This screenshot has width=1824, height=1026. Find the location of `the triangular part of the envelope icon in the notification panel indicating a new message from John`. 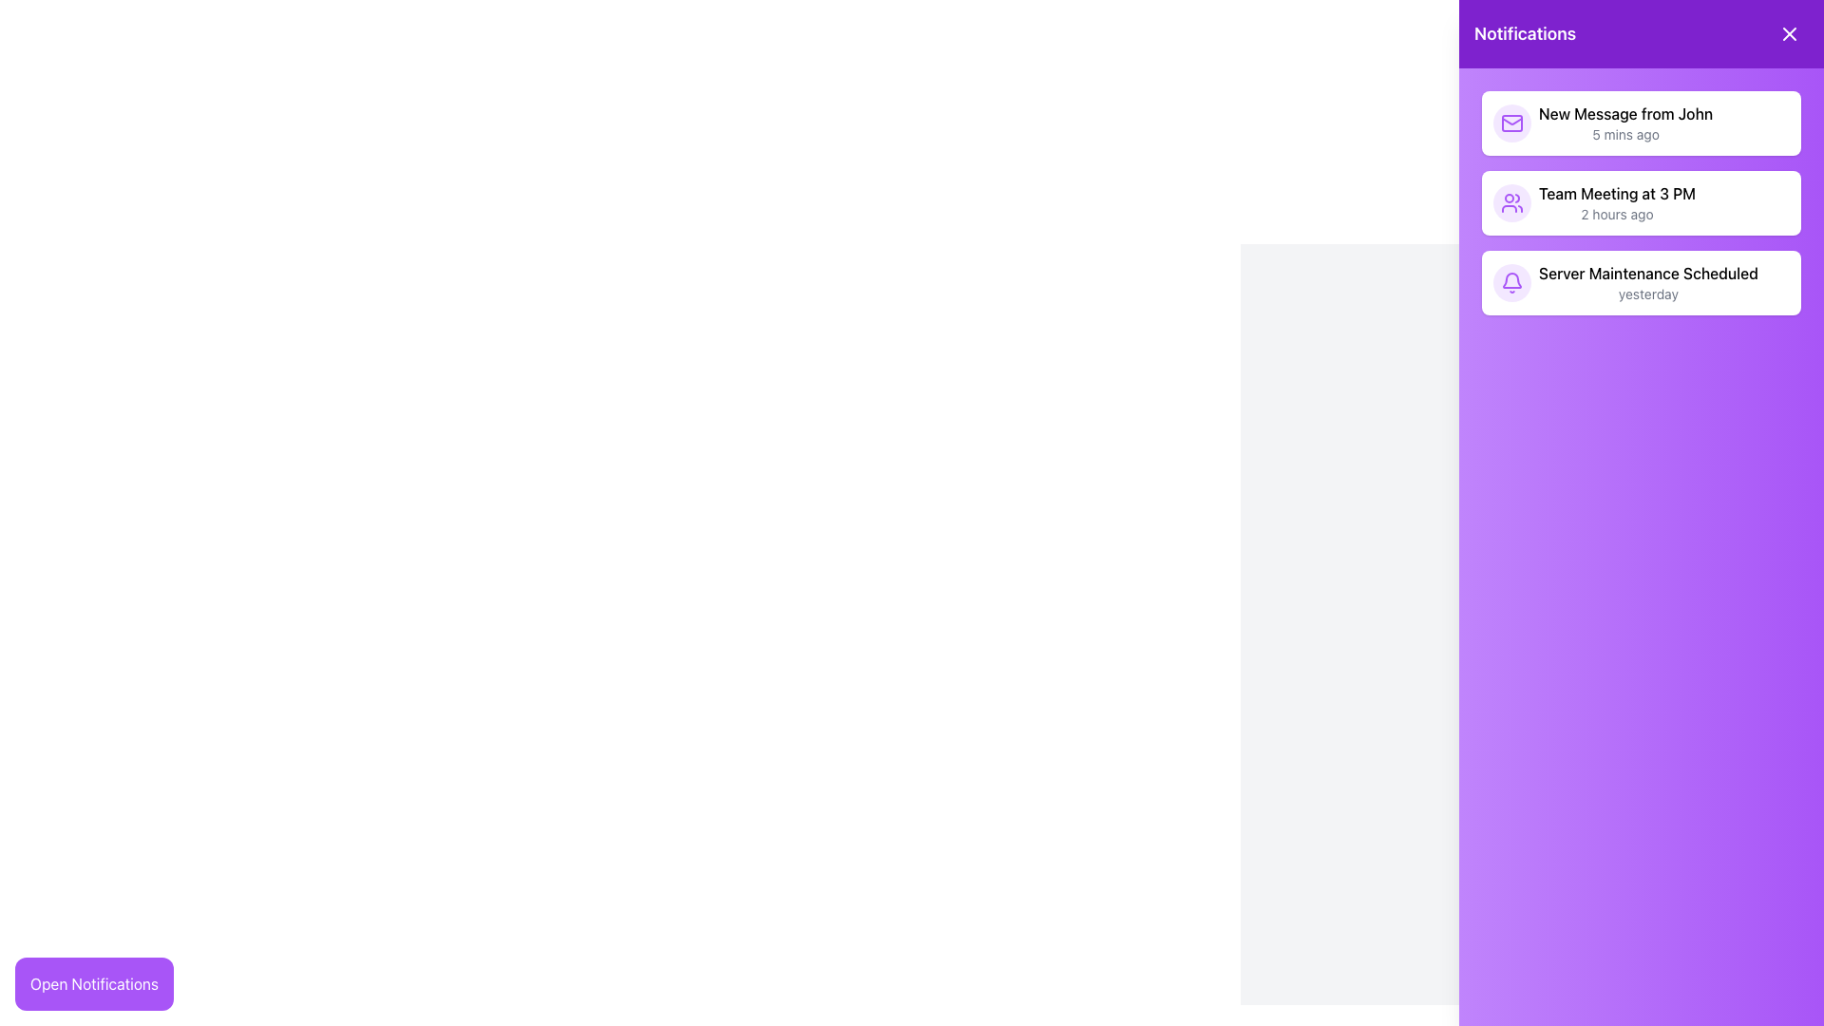

the triangular part of the envelope icon in the notification panel indicating a new message from John is located at coordinates (1511, 121).